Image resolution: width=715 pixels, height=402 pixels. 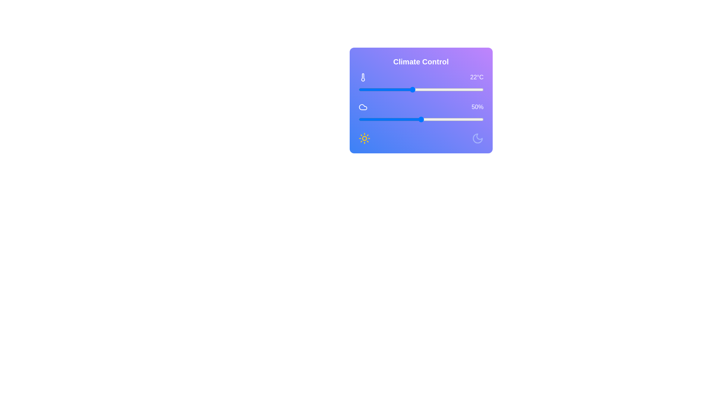 I want to click on the temperature adjustment slider located directly under the thermometer icon and the '22°C' label for feedback, so click(x=421, y=89).